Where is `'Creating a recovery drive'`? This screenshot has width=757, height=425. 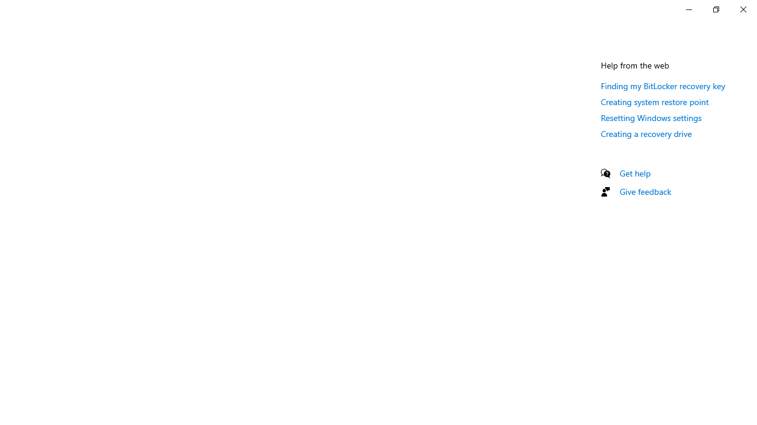 'Creating a recovery drive' is located at coordinates (646, 133).